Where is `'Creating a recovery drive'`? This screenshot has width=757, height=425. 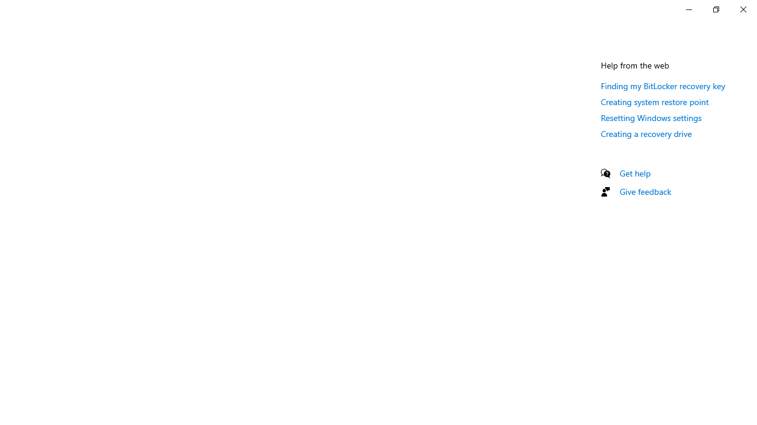 'Creating a recovery drive' is located at coordinates (646, 133).